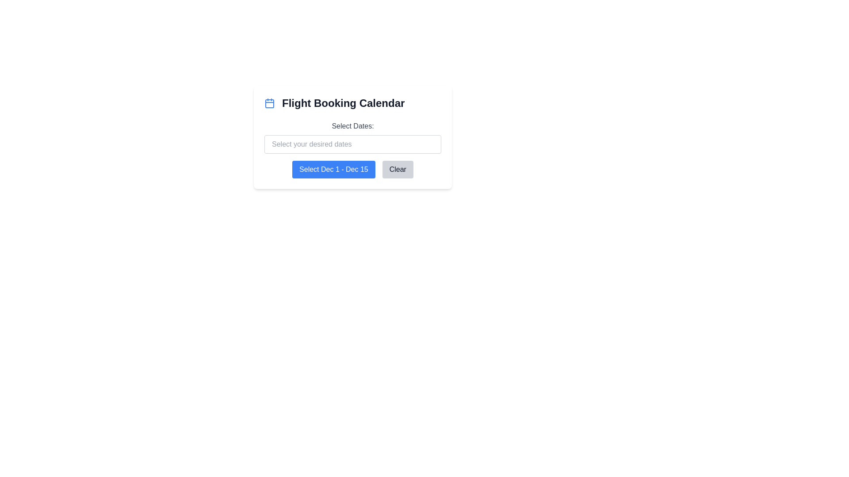  Describe the element at coordinates (397, 170) in the screenshot. I see `the 'Clear' button, which is a rectangular button with rounded corners, light gray background and dark gray text, located to the right of the 'Select Dec 1 - Dec 15' button` at that location.